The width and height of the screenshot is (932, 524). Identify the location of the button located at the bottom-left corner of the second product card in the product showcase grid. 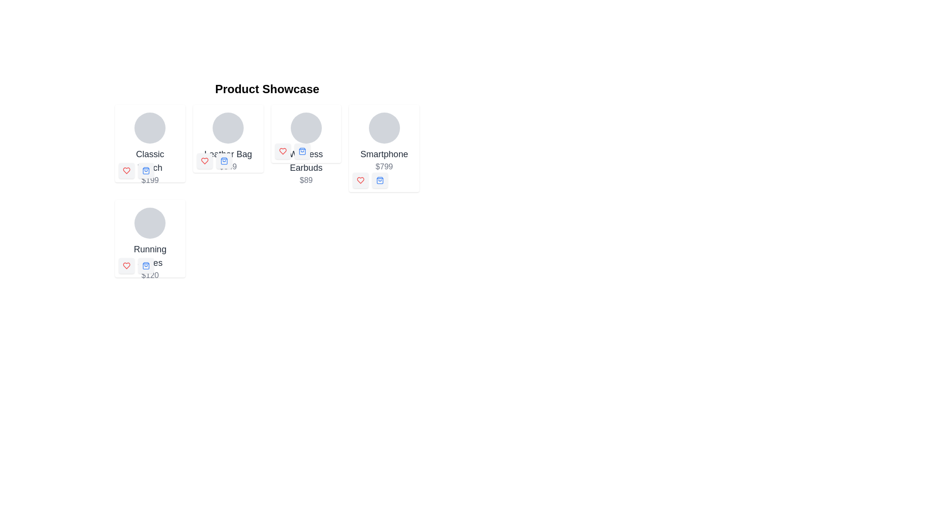
(223, 160).